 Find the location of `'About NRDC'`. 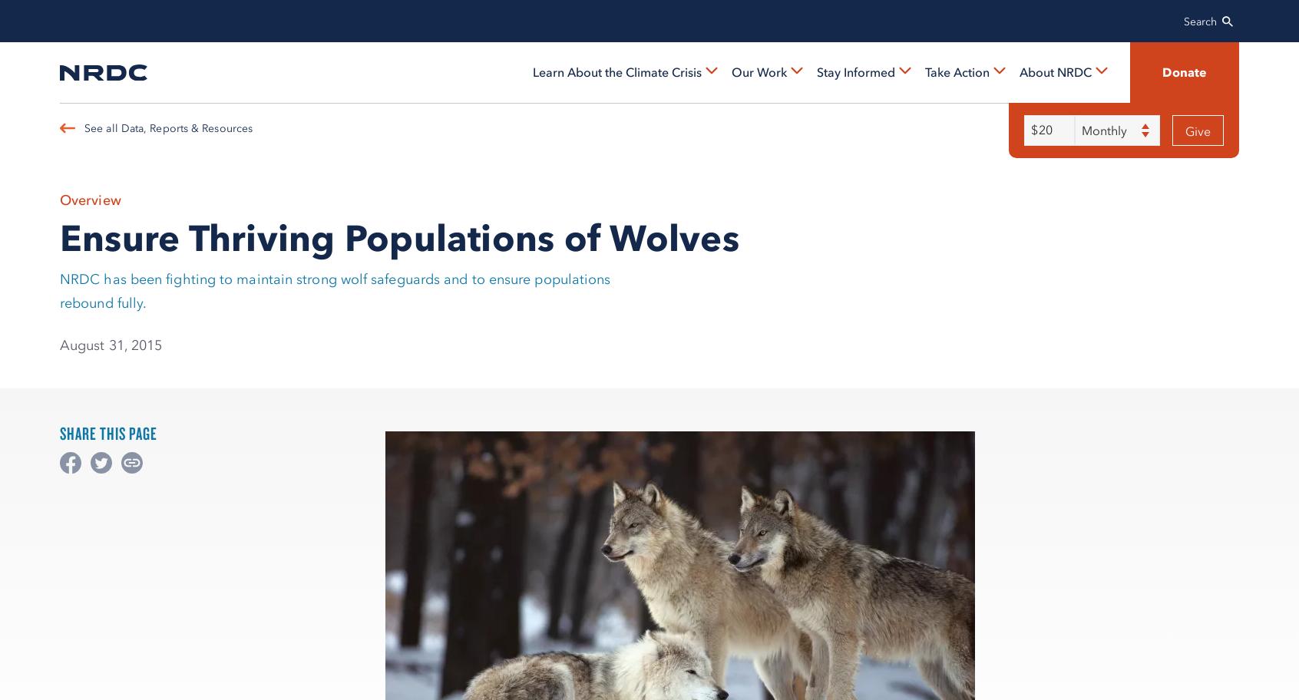

'About NRDC' is located at coordinates (1019, 72).